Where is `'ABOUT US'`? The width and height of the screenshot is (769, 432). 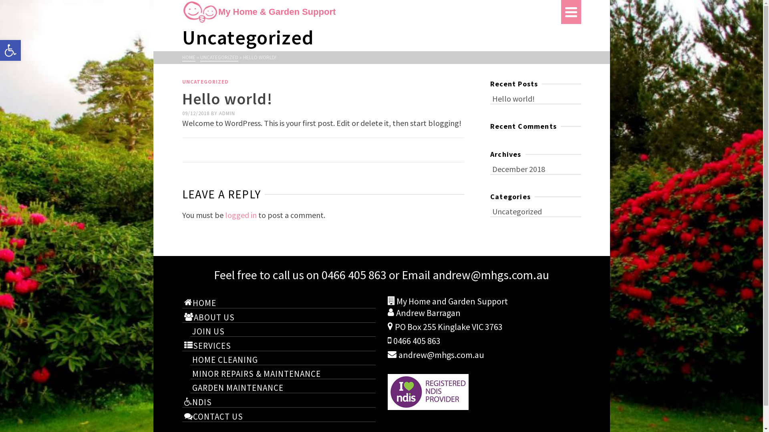 'ABOUT US' is located at coordinates (181, 316).